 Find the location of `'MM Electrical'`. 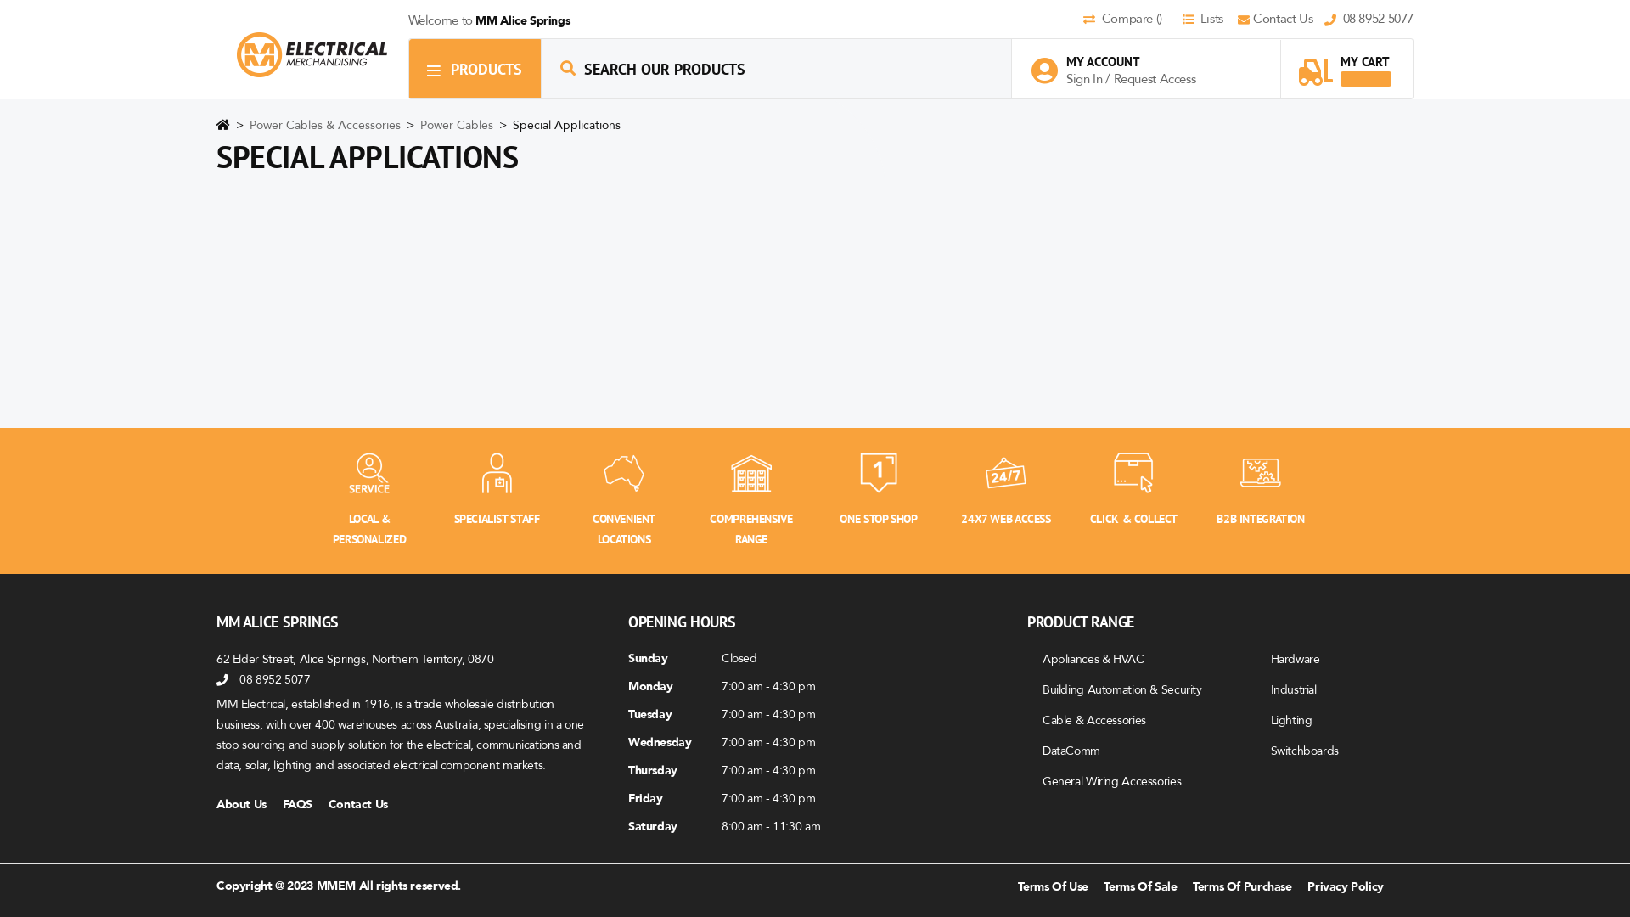

'MM Electrical' is located at coordinates (312, 53).